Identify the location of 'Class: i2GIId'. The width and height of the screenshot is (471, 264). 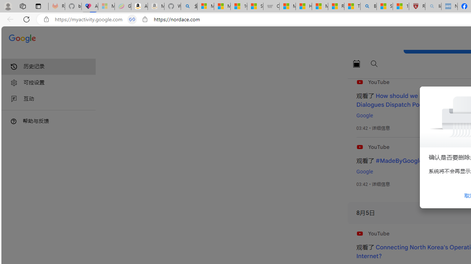
(14, 99).